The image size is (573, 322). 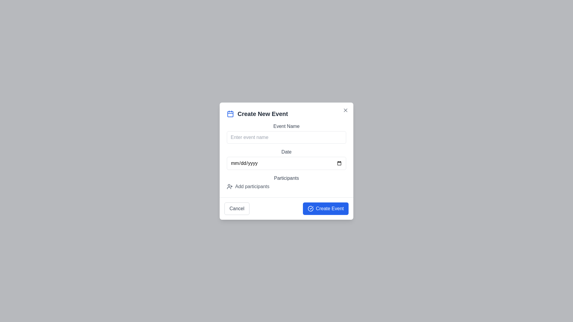 I want to click on the close button with an 'X' icon located in the top-right corner of the 'Create New Event' modal, so click(x=345, y=110).